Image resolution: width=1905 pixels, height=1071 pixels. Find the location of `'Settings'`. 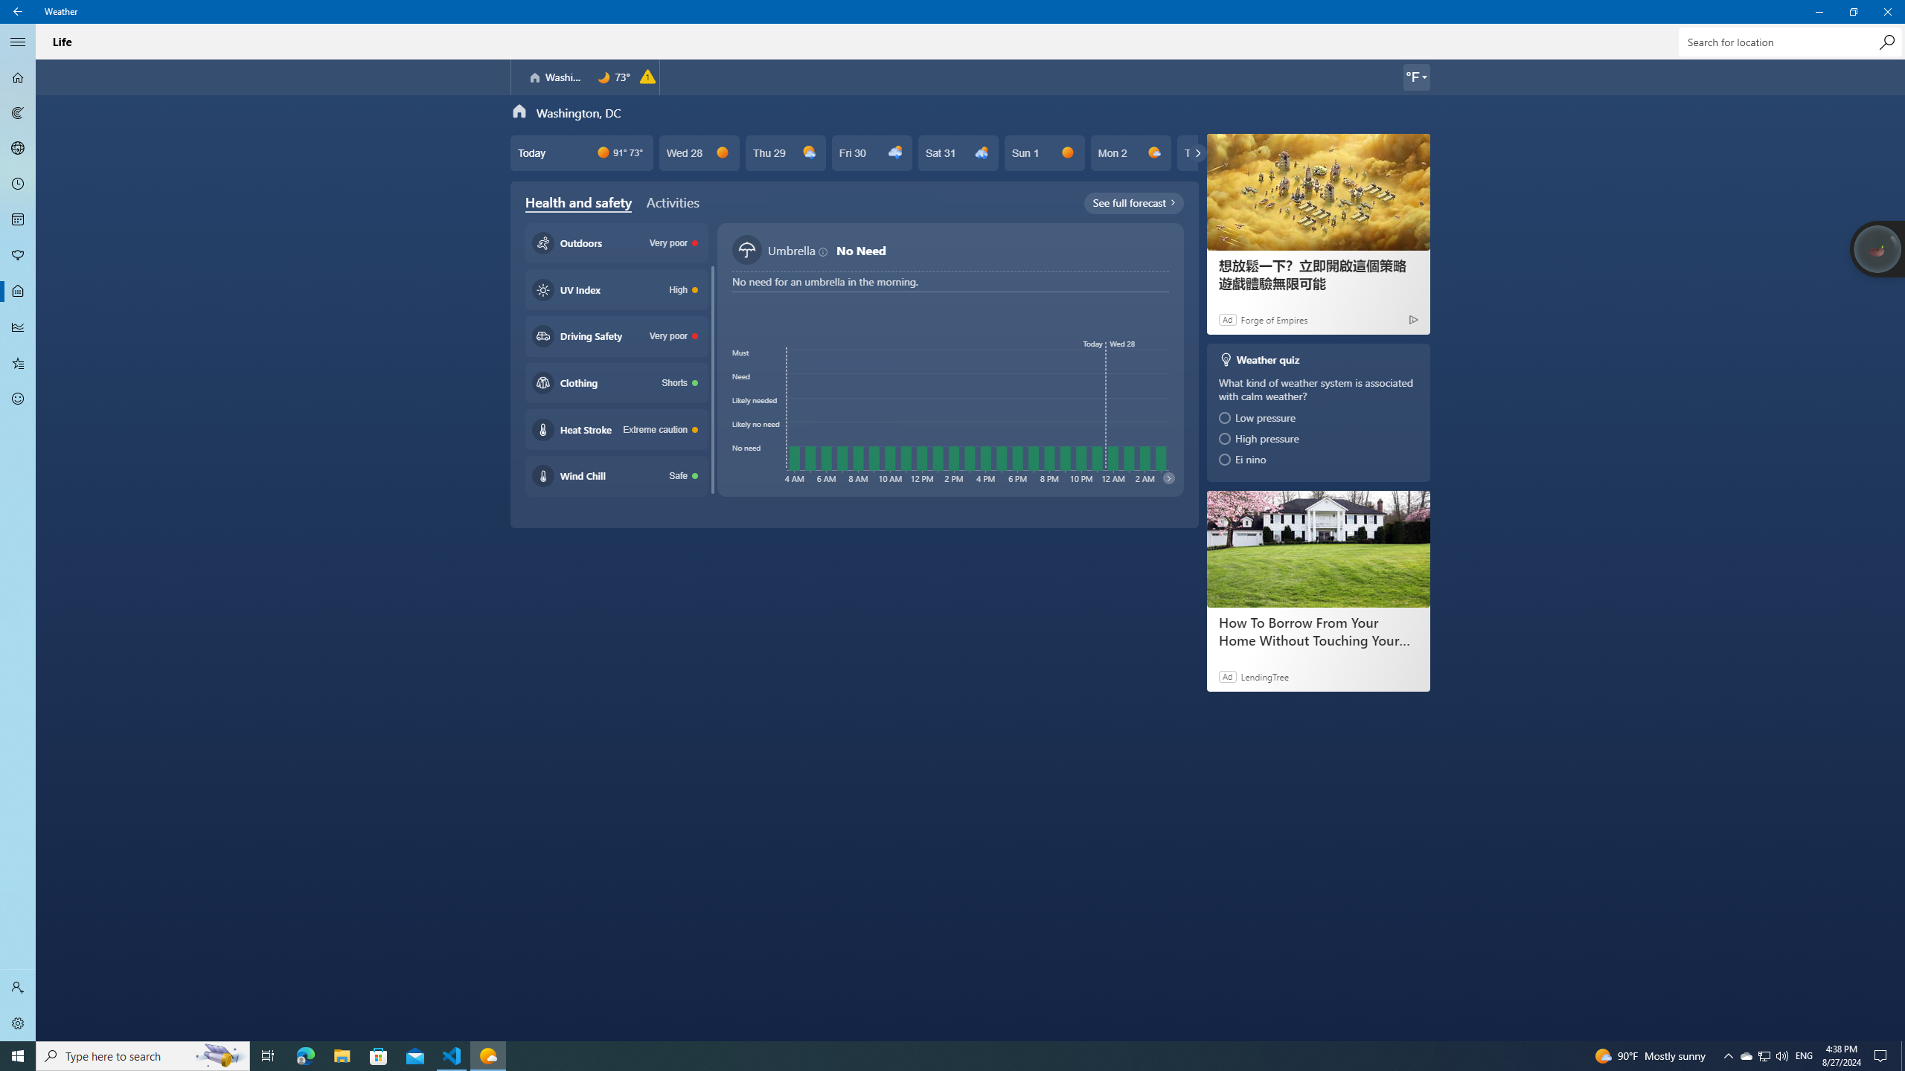

'Settings' is located at coordinates (18, 1022).